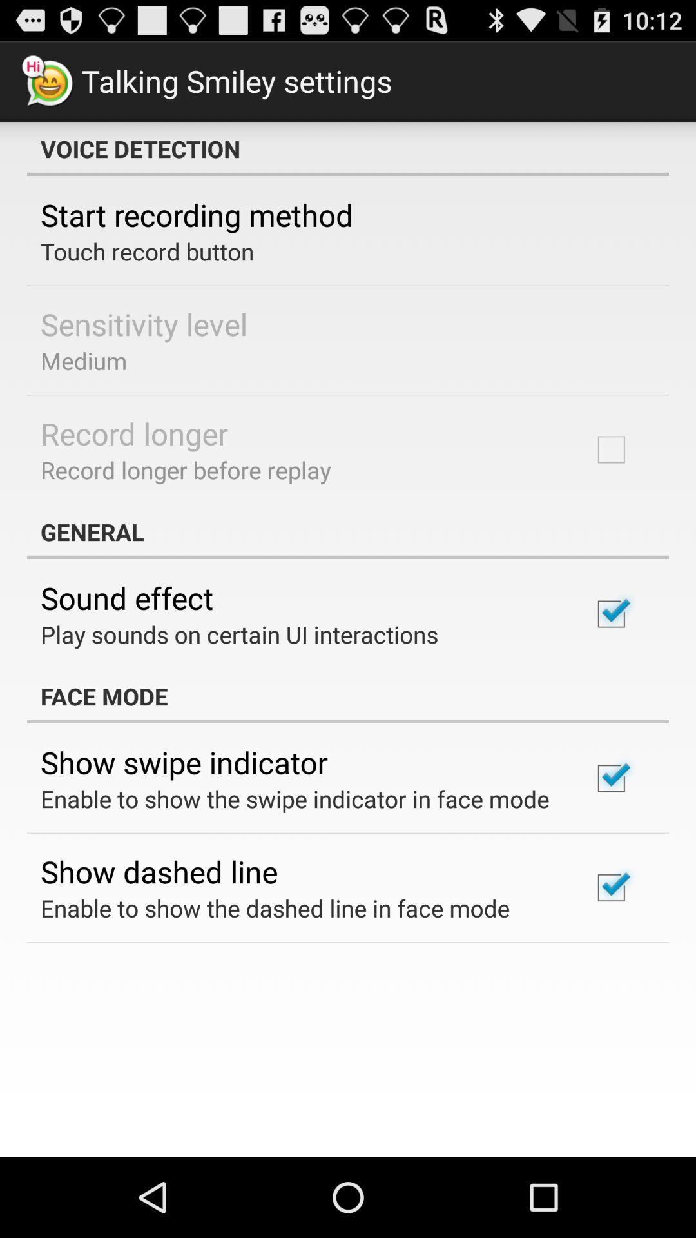 Image resolution: width=696 pixels, height=1238 pixels. I want to click on icon below the record longer before app, so click(348, 532).